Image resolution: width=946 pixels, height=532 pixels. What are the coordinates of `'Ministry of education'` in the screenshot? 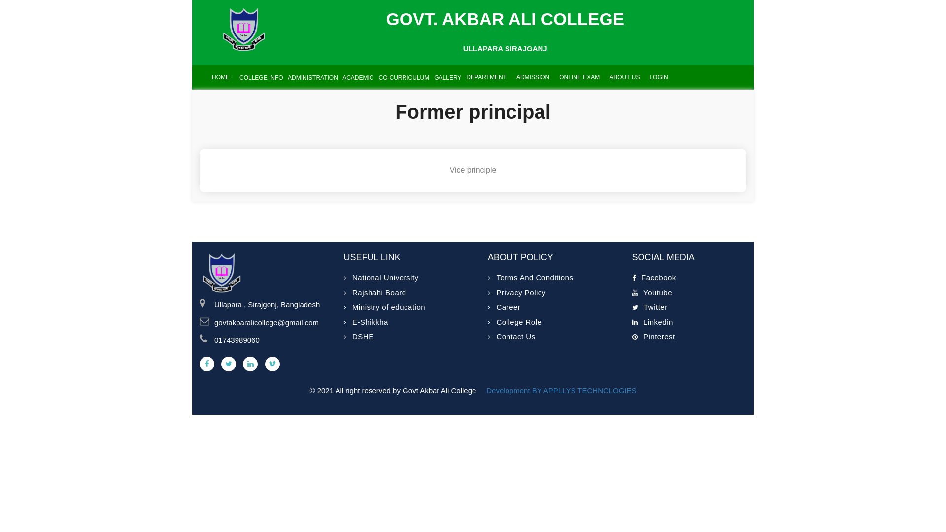 It's located at (384, 306).